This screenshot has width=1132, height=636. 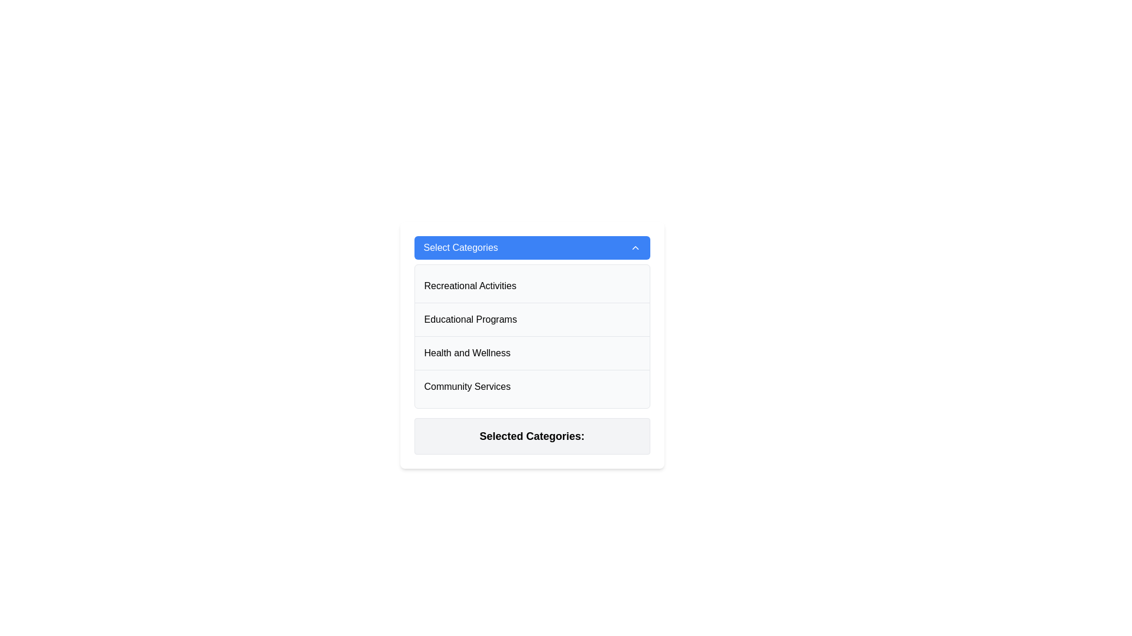 What do you see at coordinates (531, 286) in the screenshot?
I see `the list item labeled 'Recreational Activities' in the dropdown menu` at bounding box center [531, 286].